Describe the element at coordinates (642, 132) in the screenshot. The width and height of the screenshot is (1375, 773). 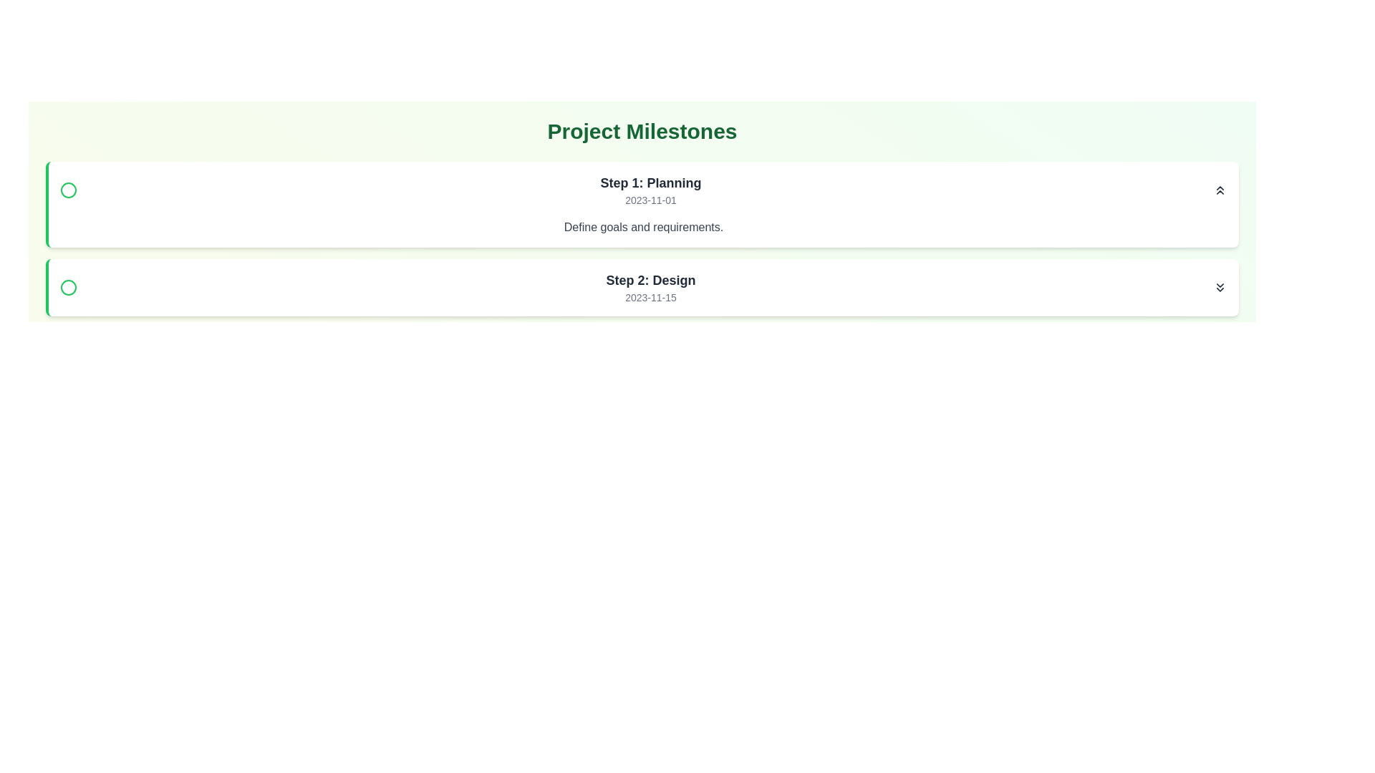
I see `the text element displaying 'Project Milestones' which is styled in bold and large green font, positioned at the top of the panel` at that location.